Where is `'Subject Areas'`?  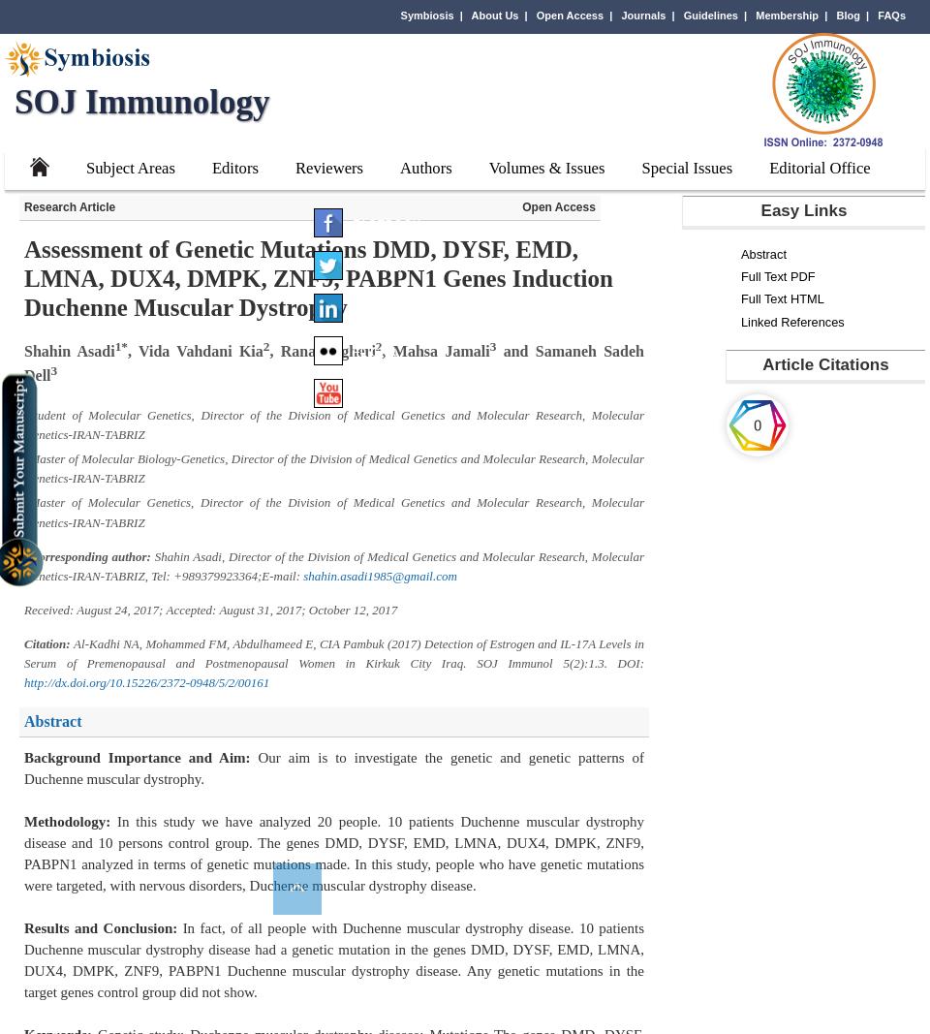
'Subject Areas' is located at coordinates (129, 167).